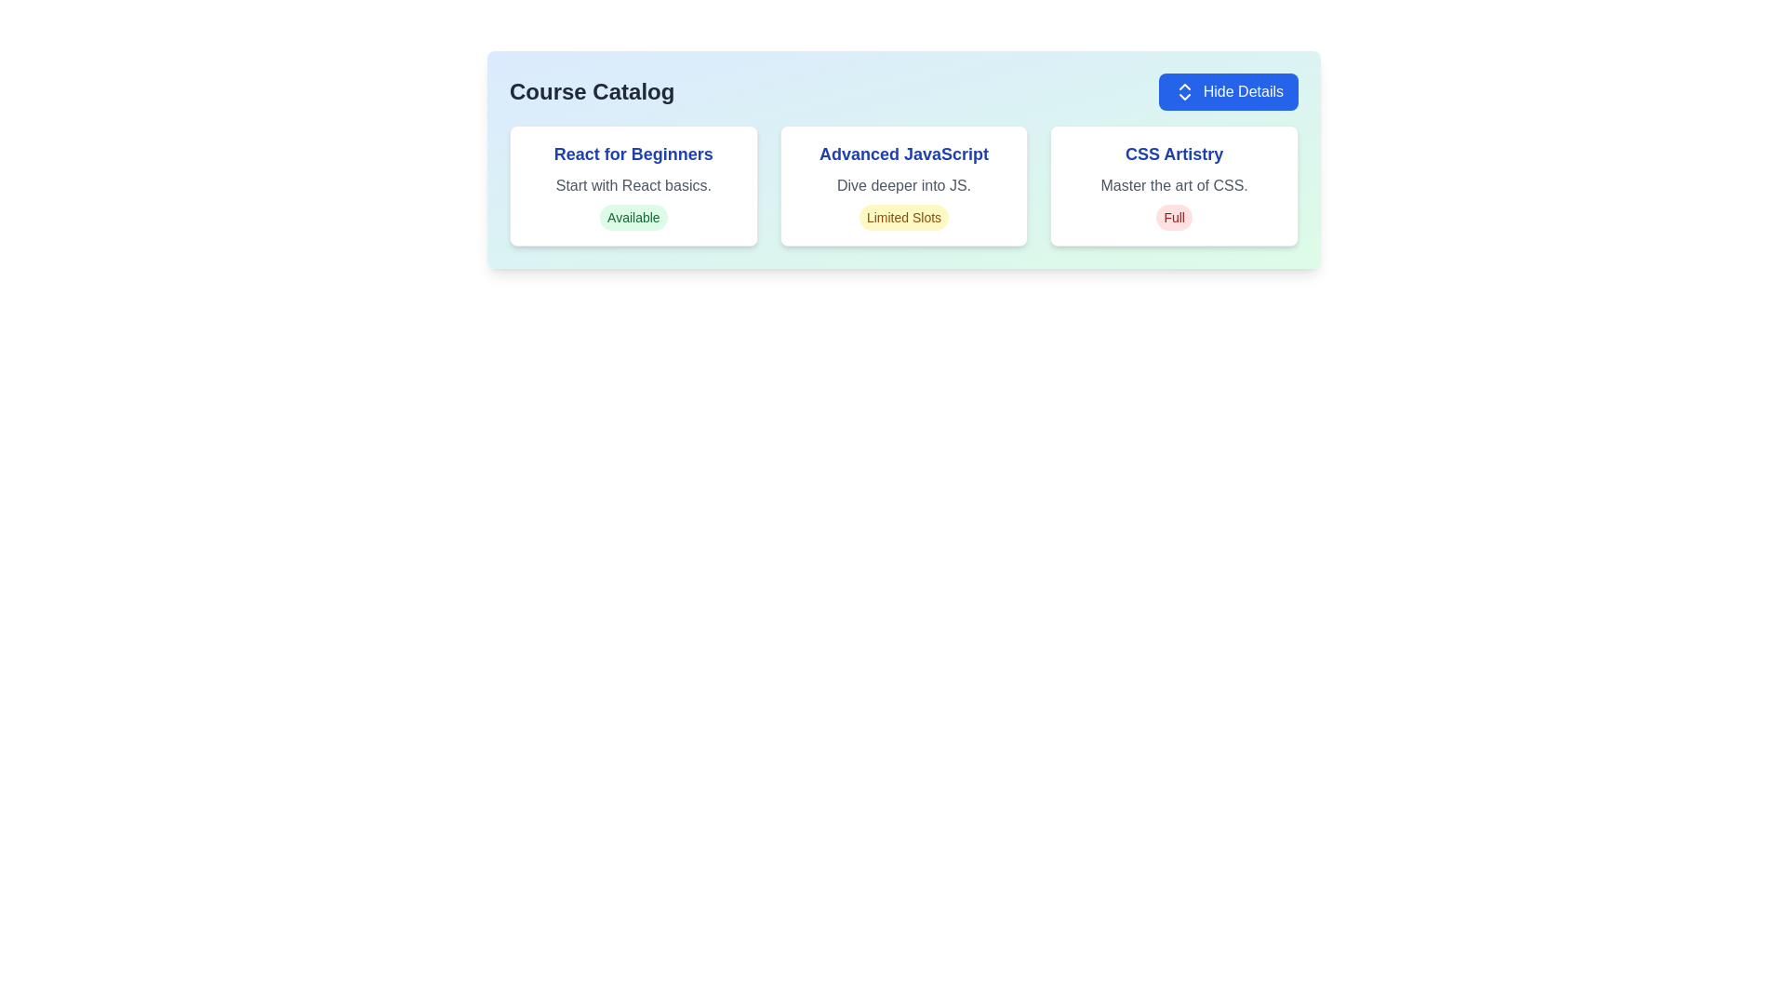 The width and height of the screenshot is (1786, 1005). Describe the element at coordinates (591, 92) in the screenshot. I see `the prominent 'Course Catalog' text label located at the top left of the header section` at that location.